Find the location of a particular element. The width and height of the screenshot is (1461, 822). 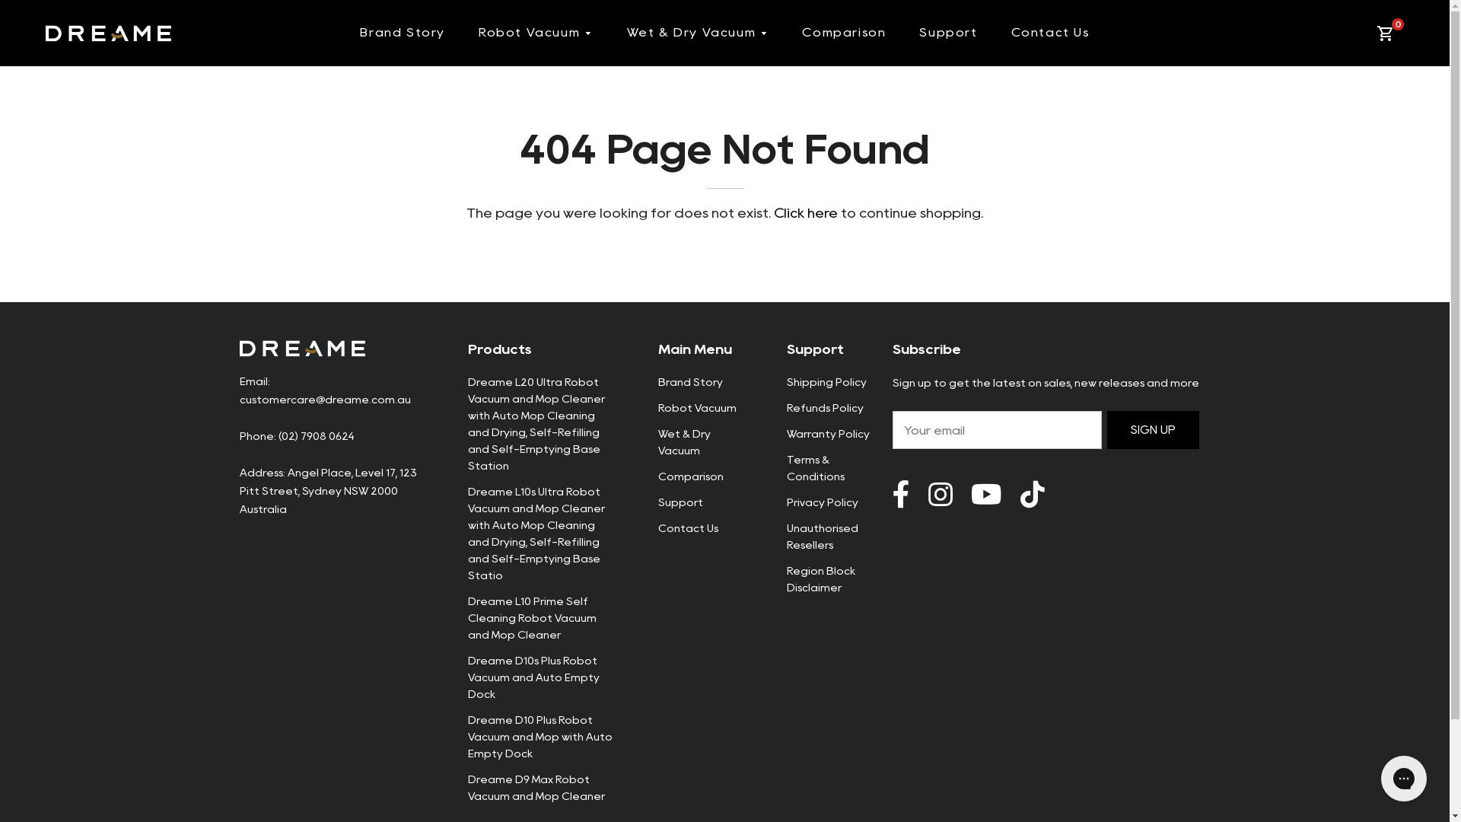

'Dreame D10s Plus Robot Vacuum and Auto Empty Dock' is located at coordinates (533, 677).